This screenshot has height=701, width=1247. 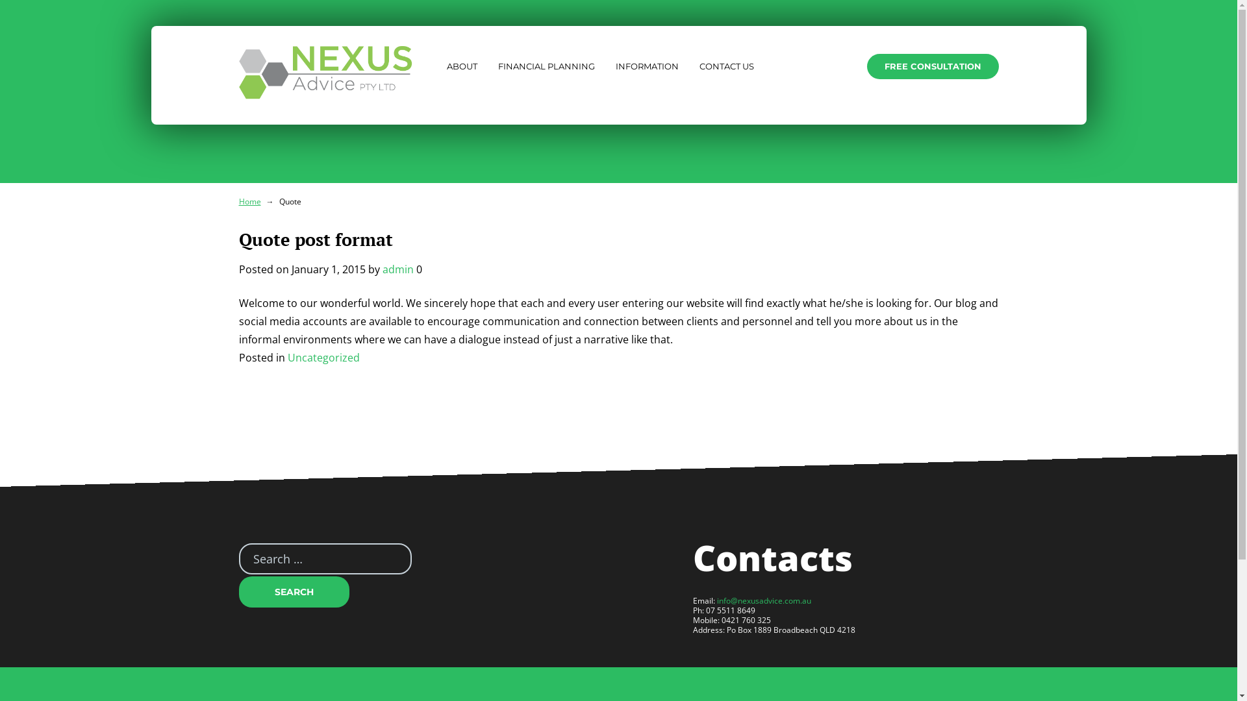 I want to click on 'Home', so click(x=249, y=201).